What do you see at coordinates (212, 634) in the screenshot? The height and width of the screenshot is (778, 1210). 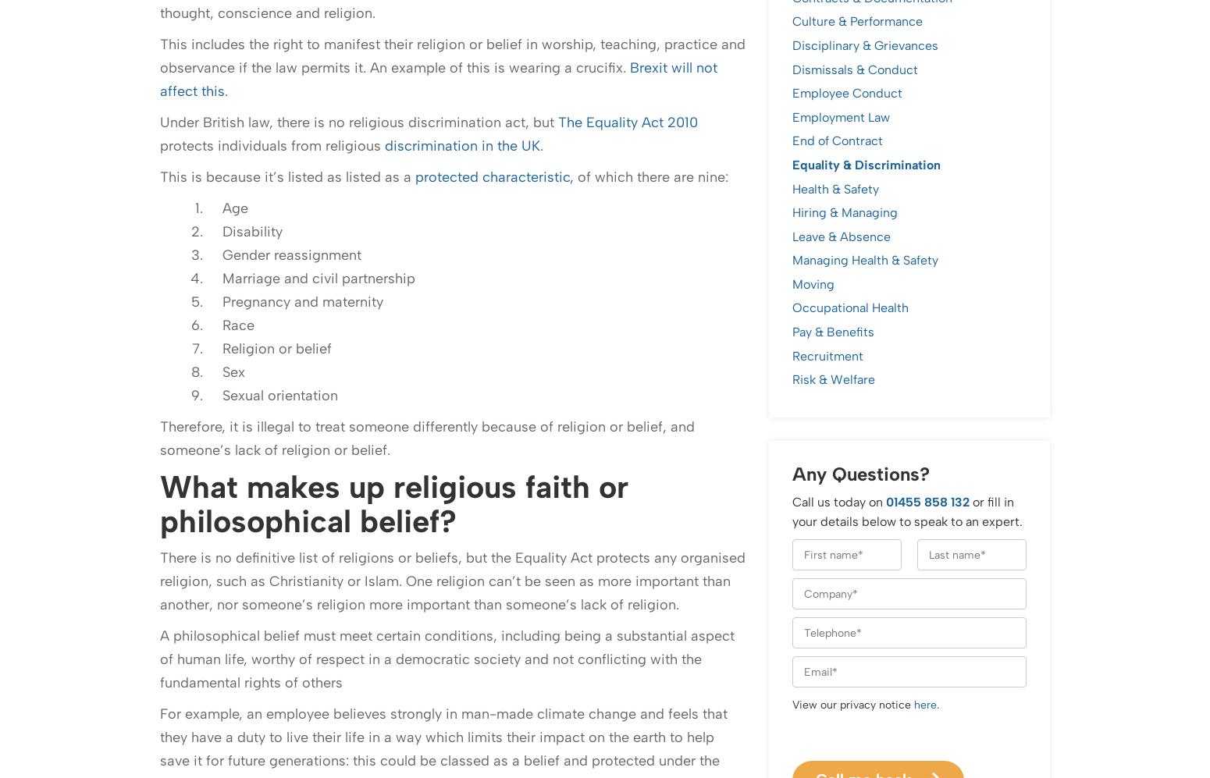 I see `'Contact Croner'` at bounding box center [212, 634].